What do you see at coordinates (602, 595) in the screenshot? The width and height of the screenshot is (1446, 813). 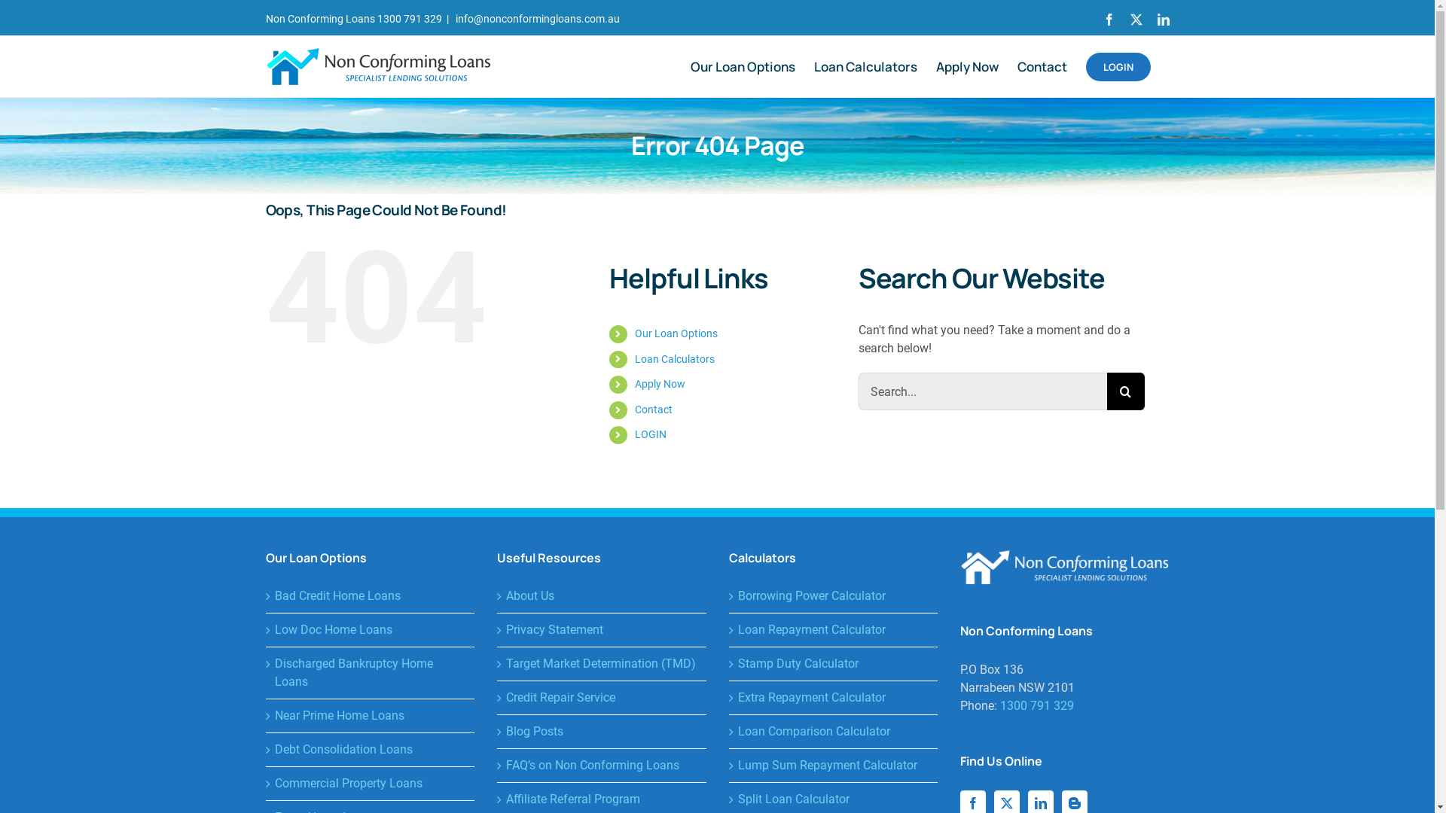 I see `'About Us'` at bounding box center [602, 595].